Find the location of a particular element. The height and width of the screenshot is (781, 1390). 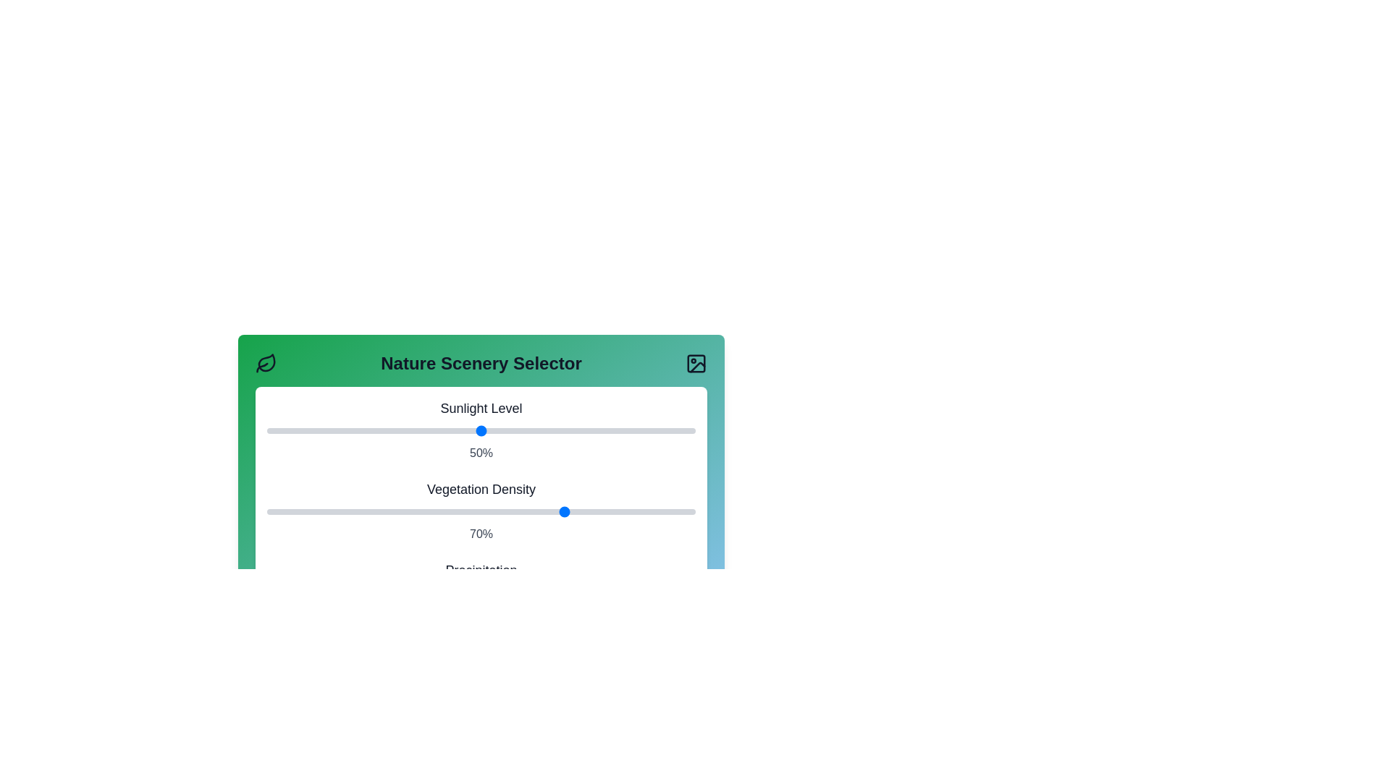

the Sunlight Level slider to 76% is located at coordinates (592, 430).